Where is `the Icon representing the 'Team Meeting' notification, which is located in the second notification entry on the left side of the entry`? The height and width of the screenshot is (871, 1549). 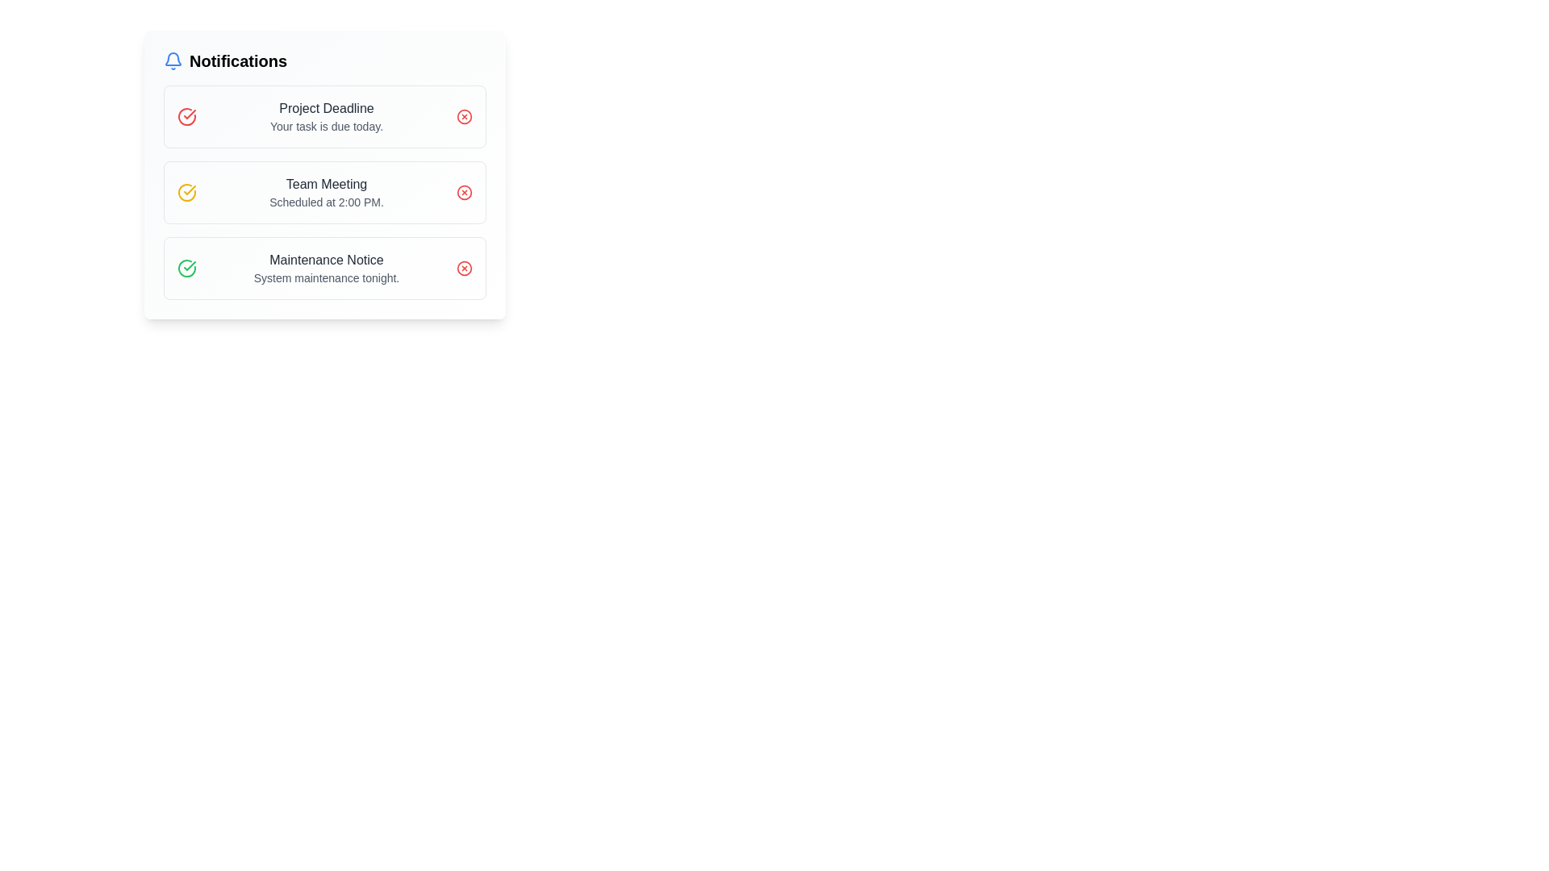
the Icon representing the 'Team Meeting' notification, which is located in the second notification entry on the left side of the entry is located at coordinates (186, 192).